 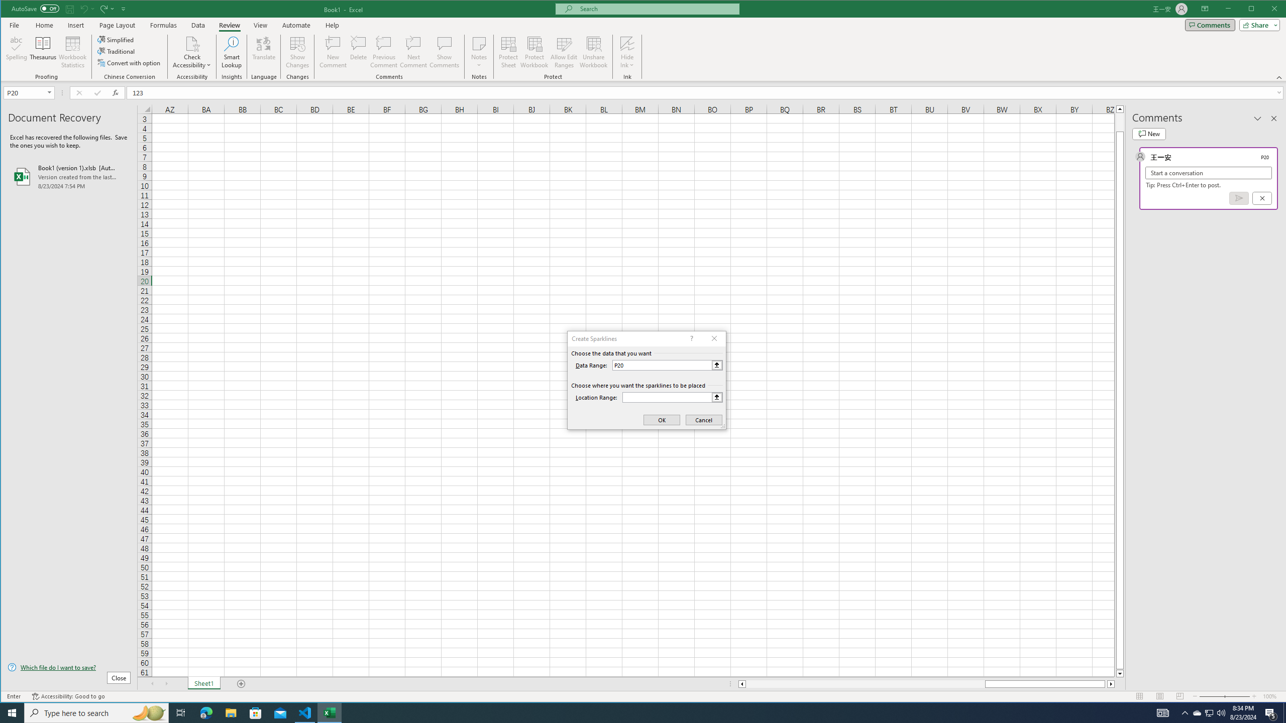 What do you see at coordinates (163, 25) in the screenshot?
I see `'Formulas'` at bounding box center [163, 25].